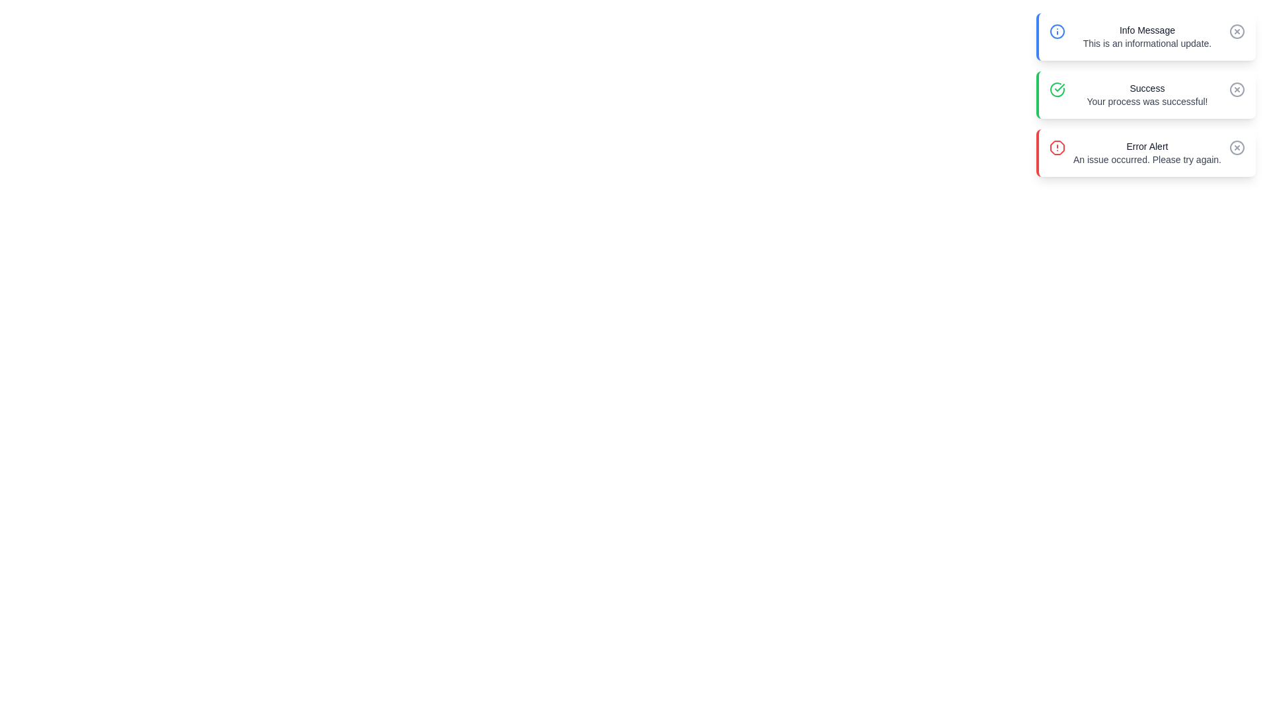  Describe the element at coordinates (1056, 147) in the screenshot. I see `the red octagonal warning icon located in the bottom-most notification section, adjacent to the text 'Error Alert'` at that location.